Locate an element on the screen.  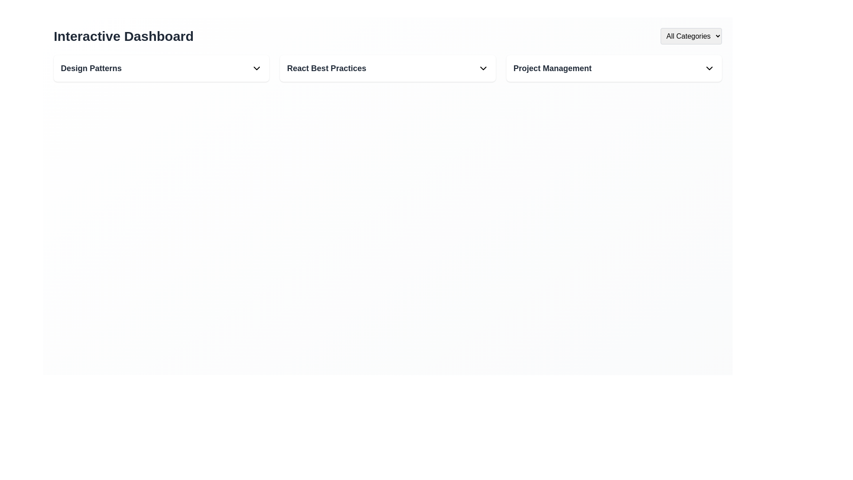
the dropdown menu located in the top-right corner of the header section to enable keyboard navigation is located at coordinates (690, 36).